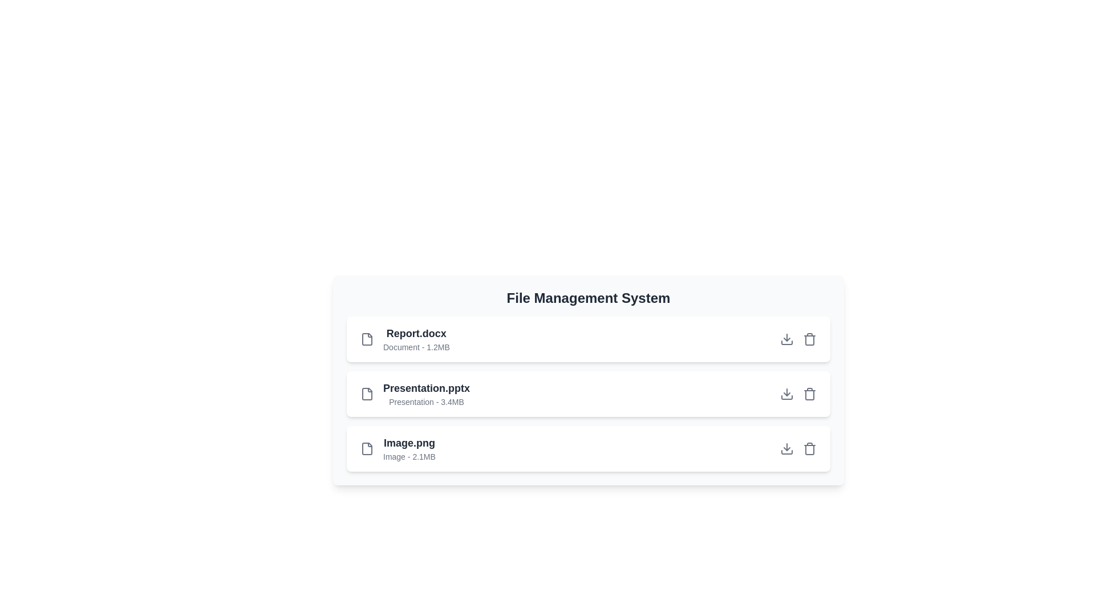 The image size is (1095, 616). Describe the element at coordinates (786, 338) in the screenshot. I see `download button for the file Report.docx` at that location.